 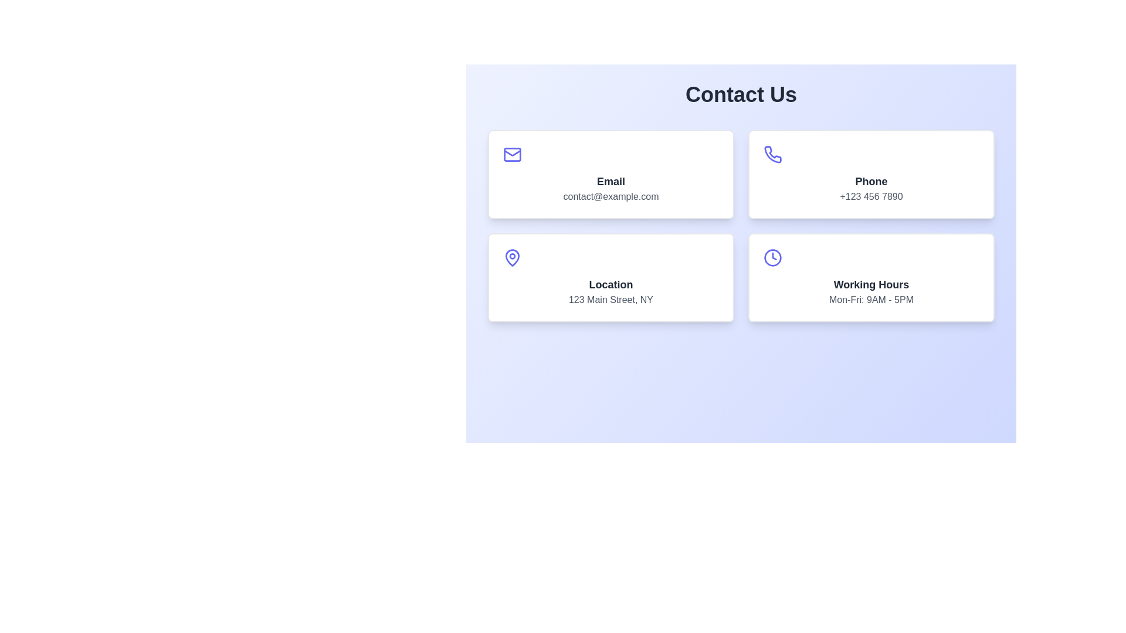 I want to click on the small clock icon with a purple outline located in the top-left corner of the 'Working Hours' card, above the text content 'Working Hours' and 'Mon-Fri: 9AM - 5PM', so click(x=773, y=257).